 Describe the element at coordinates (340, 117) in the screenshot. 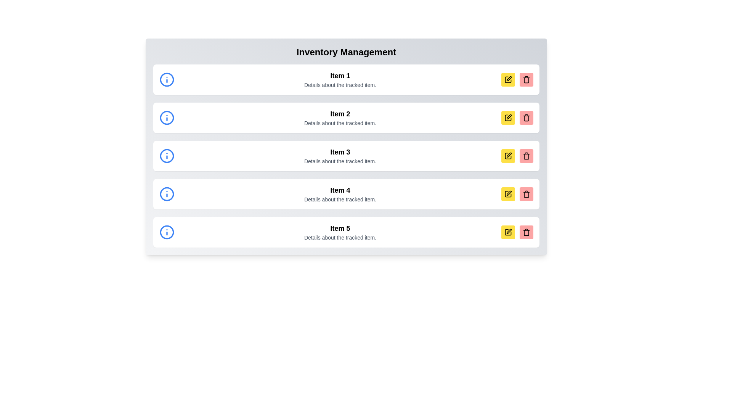

I see `the text block containing 'Item 2' and 'Details about the tracked item.' in the Inventory Management section` at that location.